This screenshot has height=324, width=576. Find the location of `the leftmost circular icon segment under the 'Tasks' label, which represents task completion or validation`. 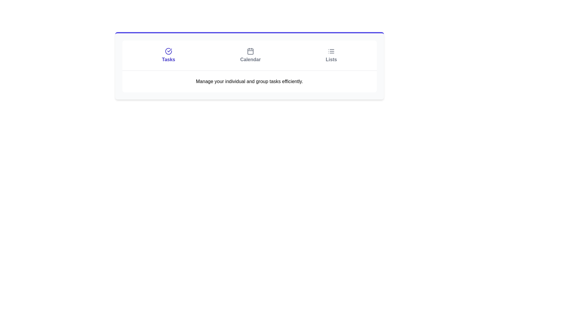

the leftmost circular icon segment under the 'Tasks' label, which represents task completion or validation is located at coordinates (168, 51).